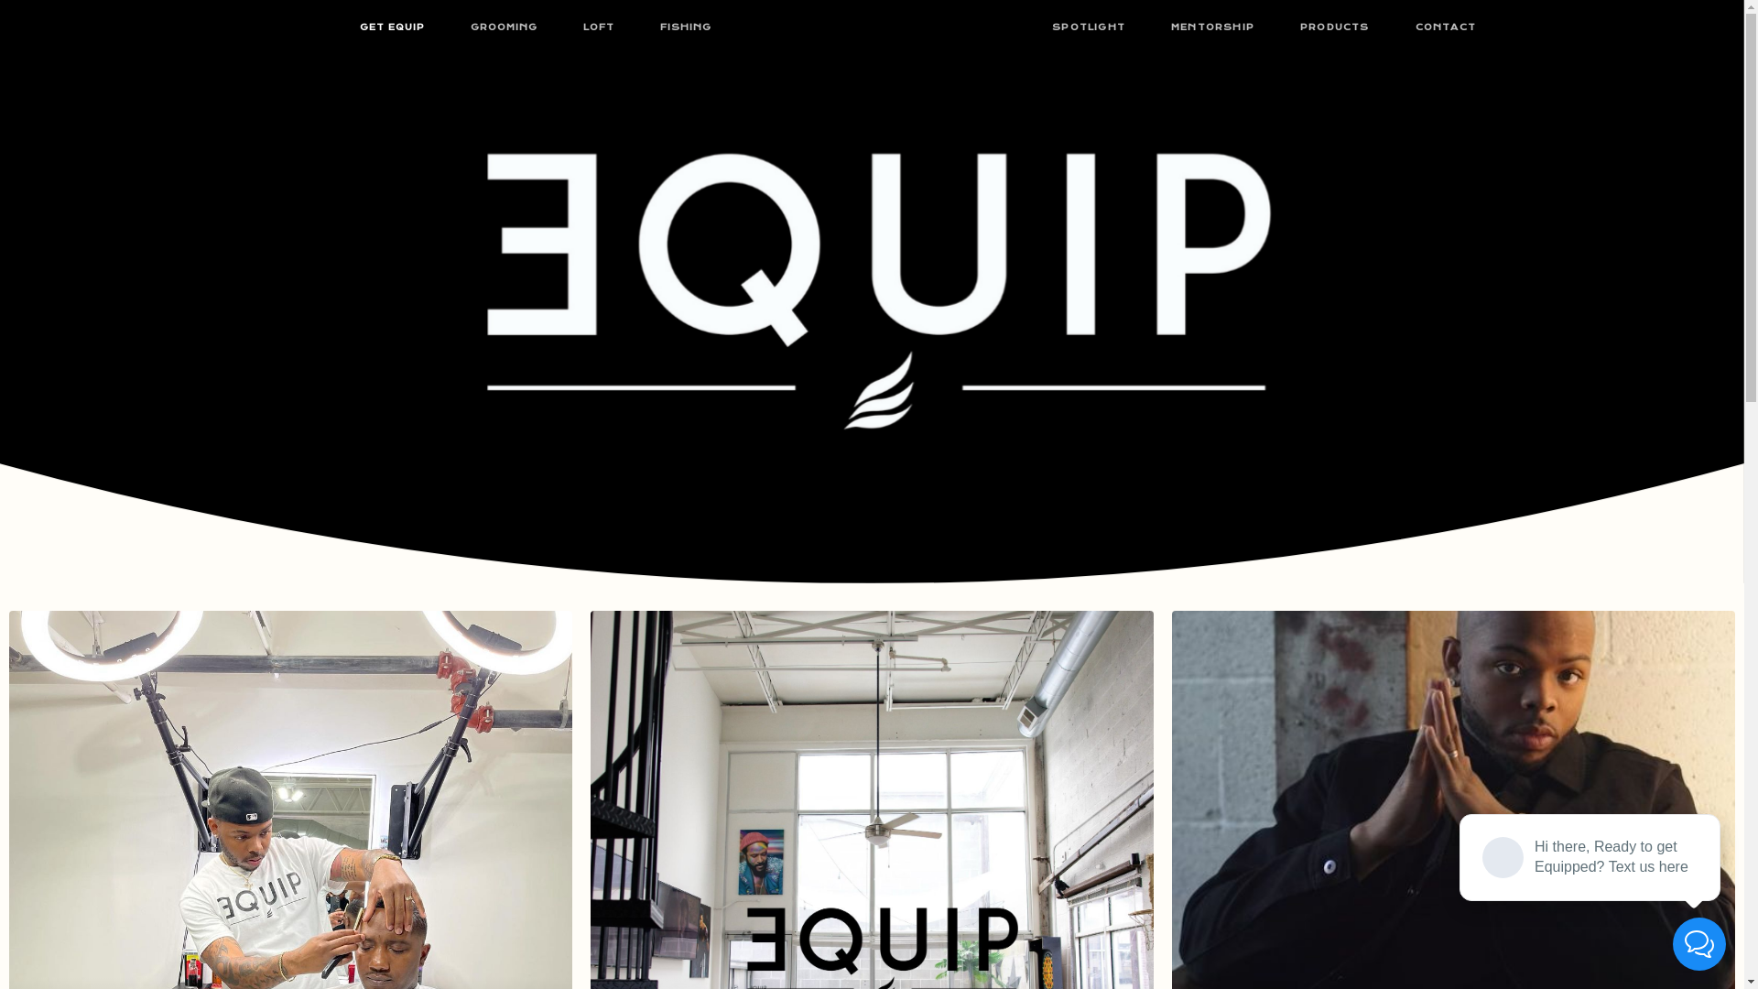 This screenshot has width=1758, height=989. I want to click on 'Loft', so click(731, 607).